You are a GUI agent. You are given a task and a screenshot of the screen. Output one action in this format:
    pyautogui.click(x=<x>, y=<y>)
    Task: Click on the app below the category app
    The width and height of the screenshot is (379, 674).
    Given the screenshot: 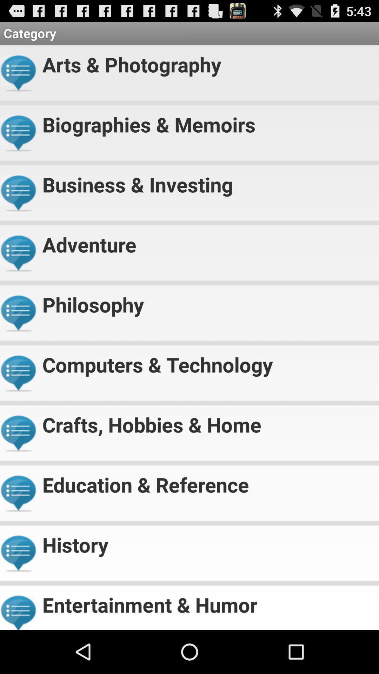 What is the action you would take?
    pyautogui.click(x=207, y=61)
    